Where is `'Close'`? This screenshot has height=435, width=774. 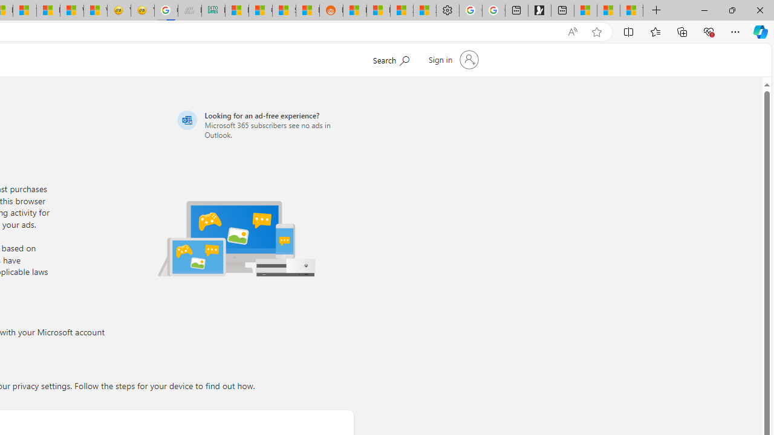
'Close' is located at coordinates (759, 10).